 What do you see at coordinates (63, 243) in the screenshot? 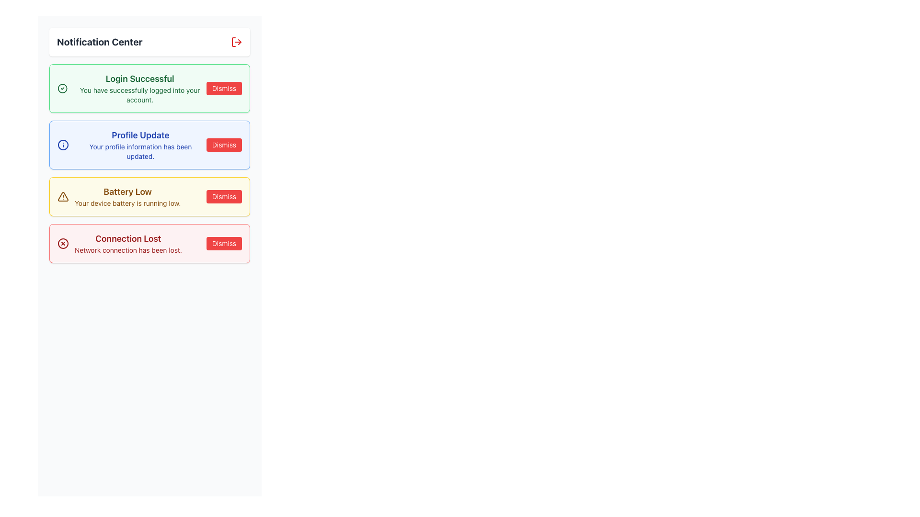
I see `the red circular icon with an 'X' symbol located at the leftmost side of the 'Connection Lost' notification alert box` at bounding box center [63, 243].